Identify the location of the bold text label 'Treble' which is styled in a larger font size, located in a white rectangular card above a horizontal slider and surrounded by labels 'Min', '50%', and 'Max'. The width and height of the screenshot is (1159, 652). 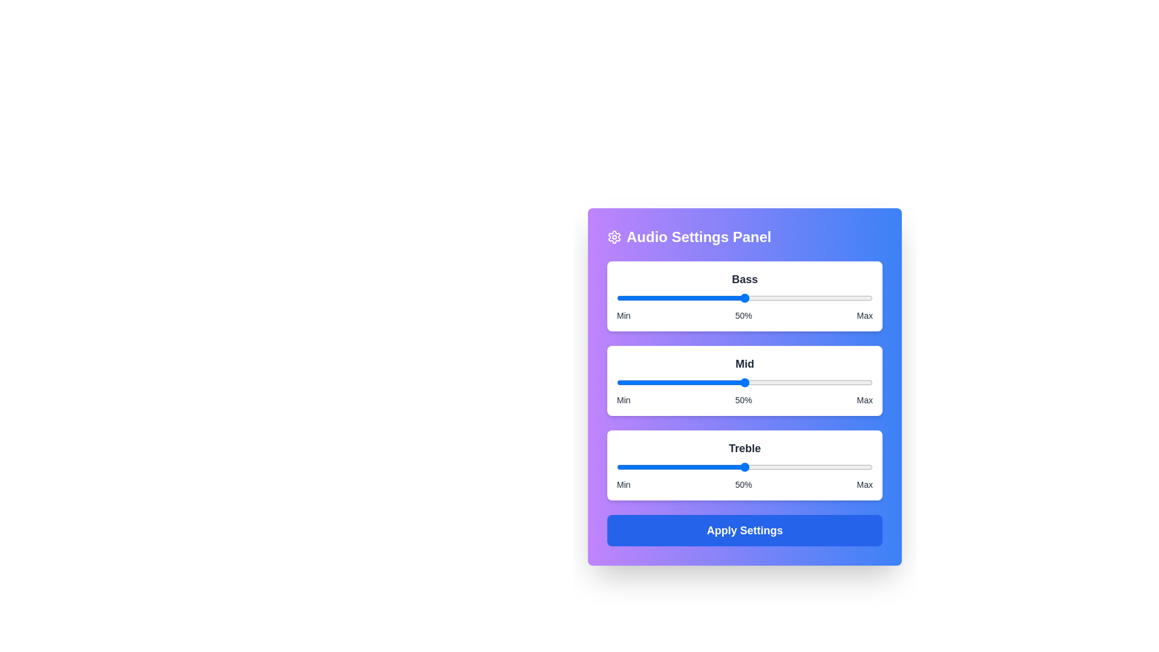
(744, 449).